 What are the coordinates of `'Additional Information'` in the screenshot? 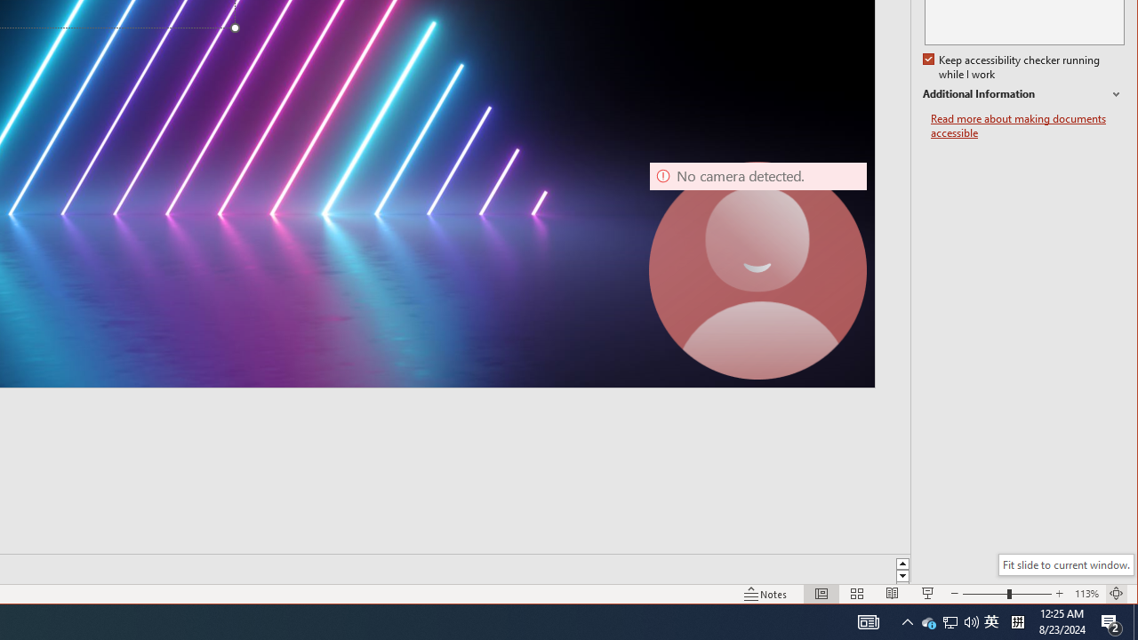 It's located at (1023, 94).